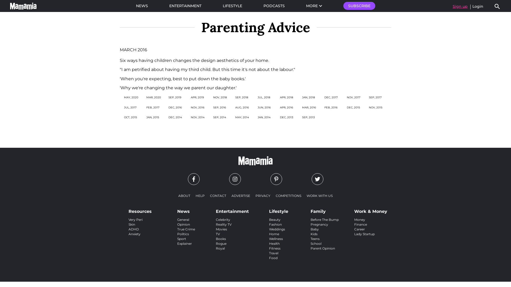 This screenshot has height=287, width=511. What do you see at coordinates (197, 97) in the screenshot?
I see `'APR, 2019'` at bounding box center [197, 97].